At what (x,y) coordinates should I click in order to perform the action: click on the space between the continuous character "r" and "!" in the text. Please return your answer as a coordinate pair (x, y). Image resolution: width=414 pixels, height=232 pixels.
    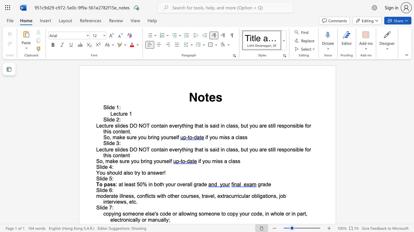
    Looking at the image, I should click on (164, 172).